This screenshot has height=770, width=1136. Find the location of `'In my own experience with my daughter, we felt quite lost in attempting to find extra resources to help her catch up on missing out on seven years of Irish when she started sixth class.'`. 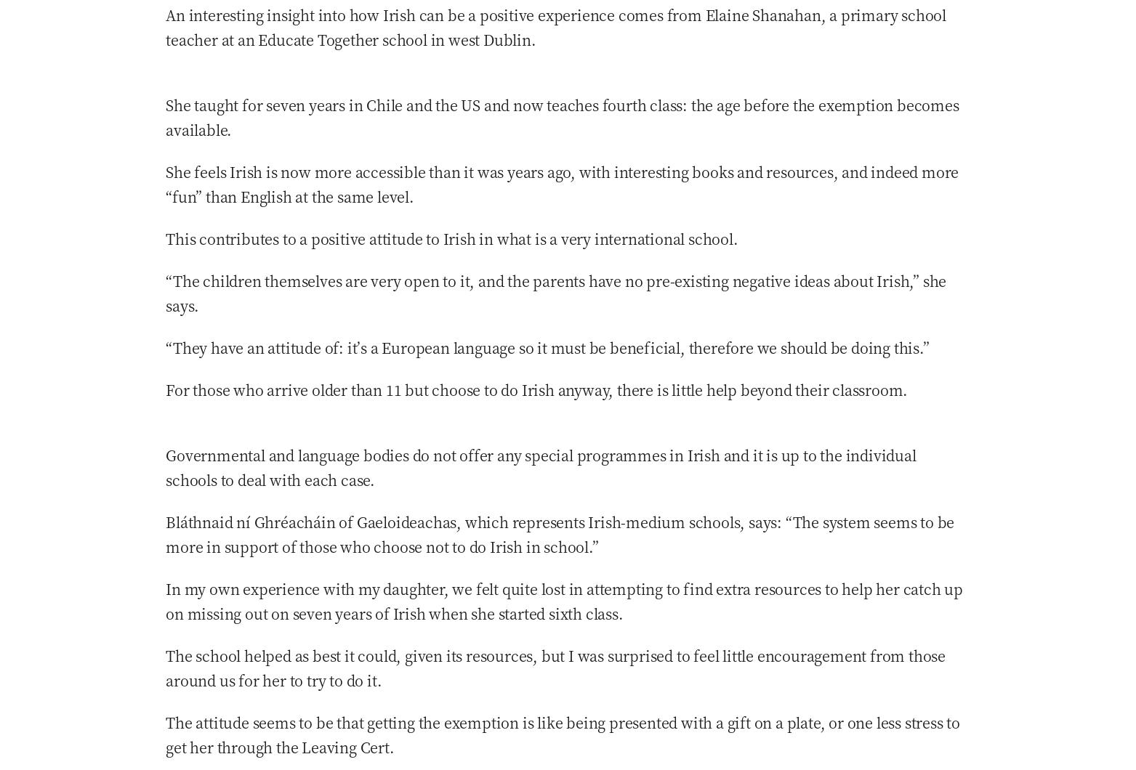

'In my own experience with my daughter, we felt quite lost in attempting to find extra resources to help her catch up on missing out on seven years of Irish when she started sixth class.' is located at coordinates (564, 600).